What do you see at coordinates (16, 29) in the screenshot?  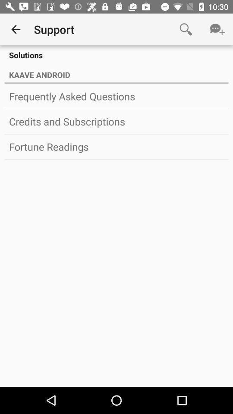 I see `the item above solutions item` at bounding box center [16, 29].